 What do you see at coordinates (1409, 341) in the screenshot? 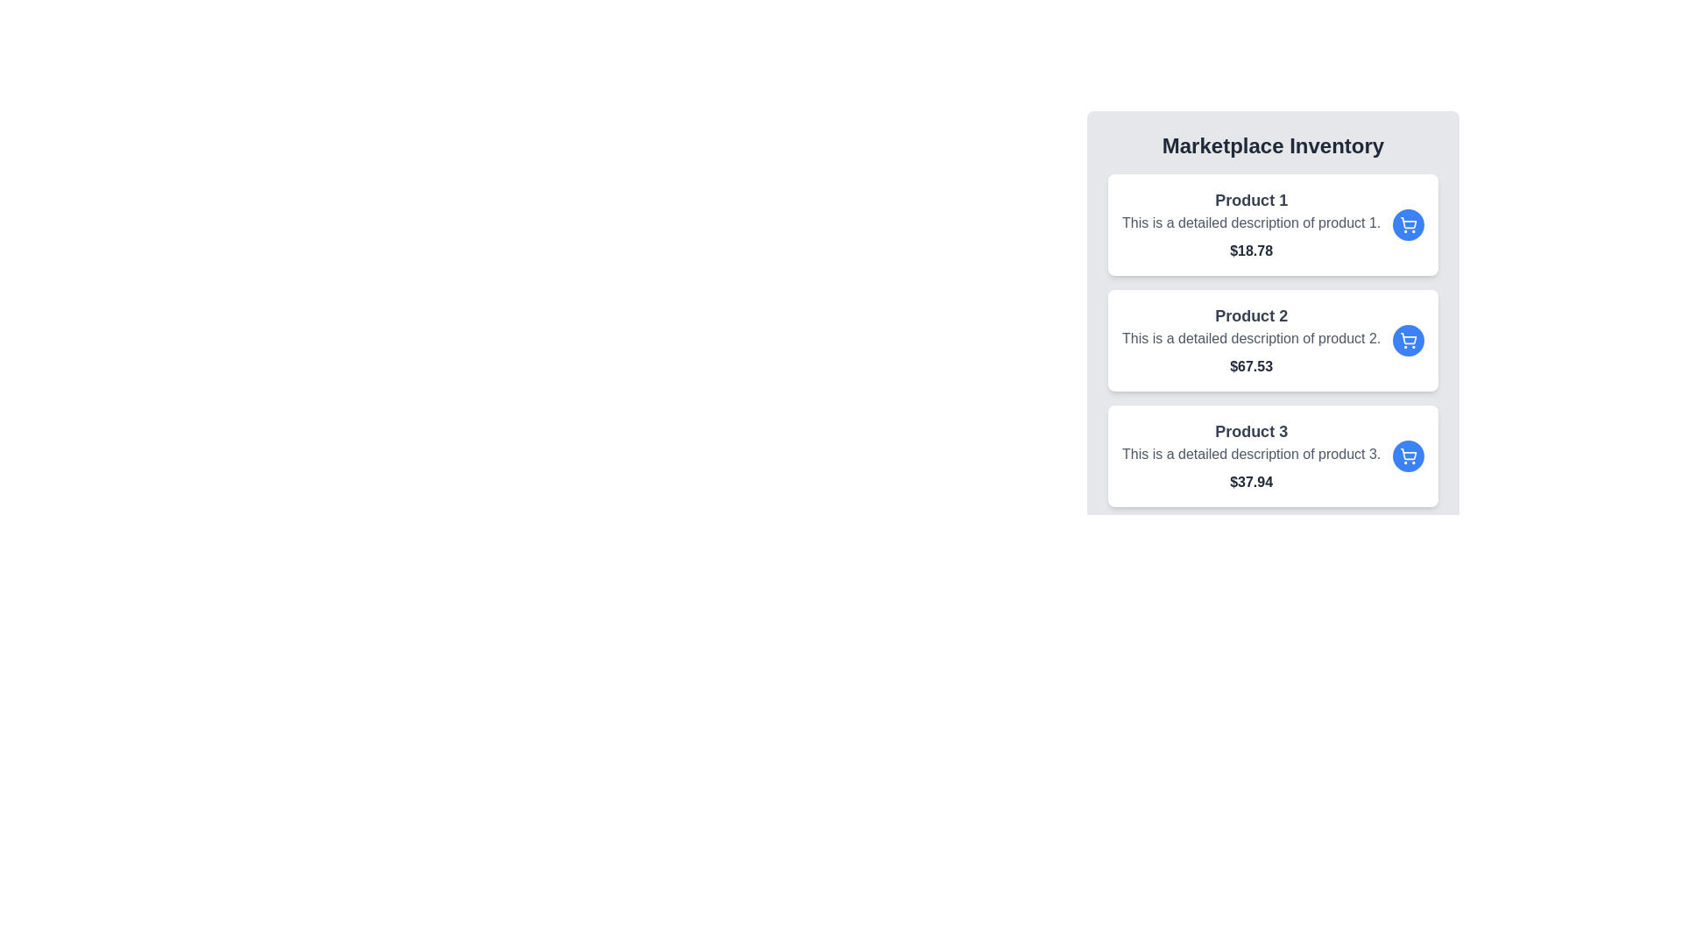
I see `the 'Add to Cart' button for 'Product 2'` at bounding box center [1409, 341].